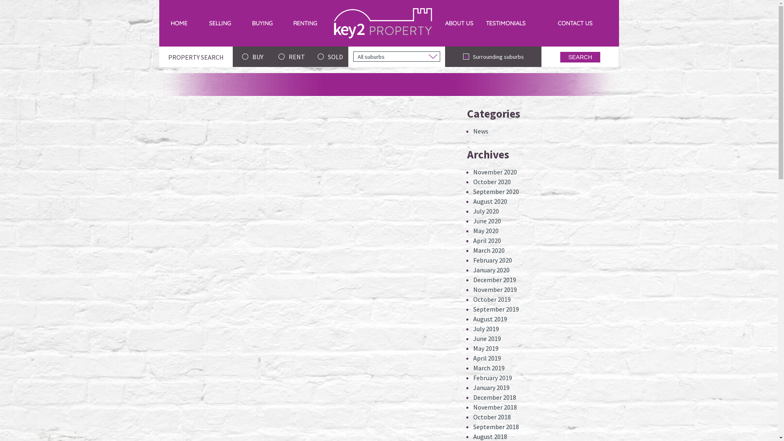 The image size is (784, 441). I want to click on 'December 2019', so click(494, 279).